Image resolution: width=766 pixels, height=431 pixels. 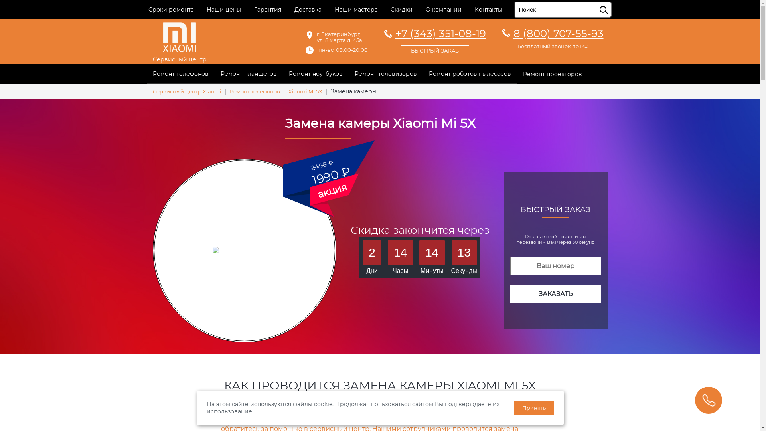 I want to click on 'Xiaomi Mi 5X', so click(x=304, y=91).